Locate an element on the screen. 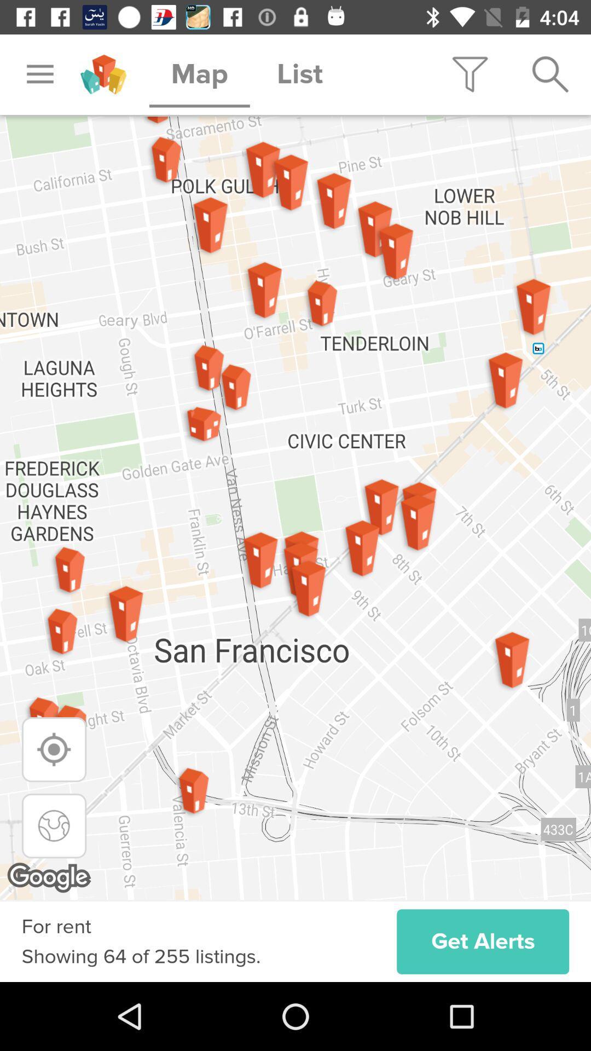 This screenshot has height=1051, width=591. icon next to the list item is located at coordinates (470, 74).